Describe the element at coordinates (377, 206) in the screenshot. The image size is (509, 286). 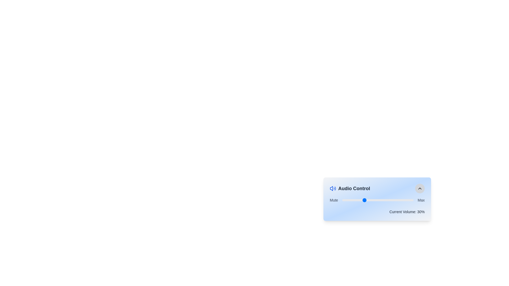
I see `the slider marker in the Audio Control section` at that location.